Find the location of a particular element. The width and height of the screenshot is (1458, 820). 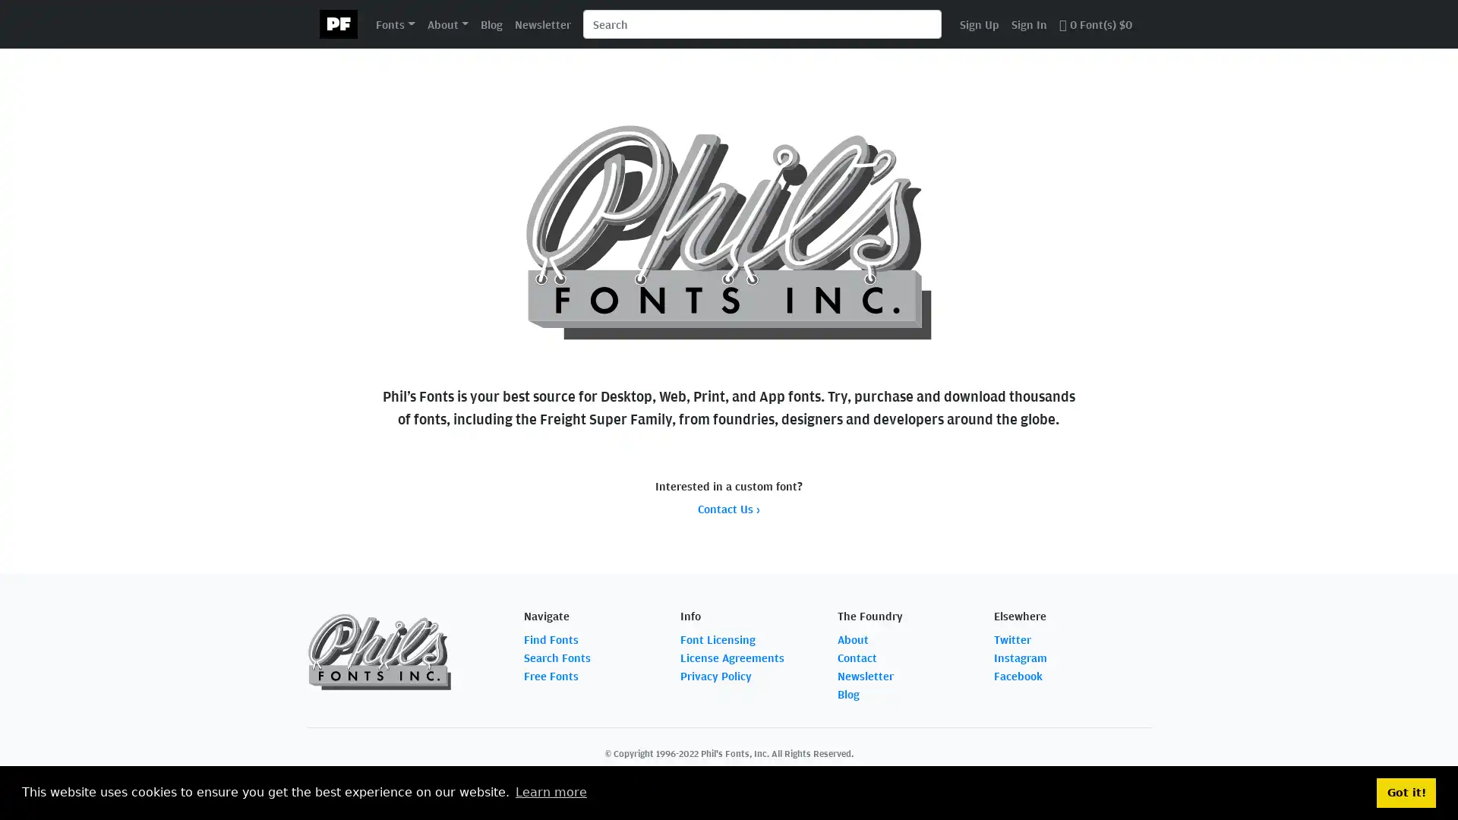

dismiss cookie message is located at coordinates (1406, 792).